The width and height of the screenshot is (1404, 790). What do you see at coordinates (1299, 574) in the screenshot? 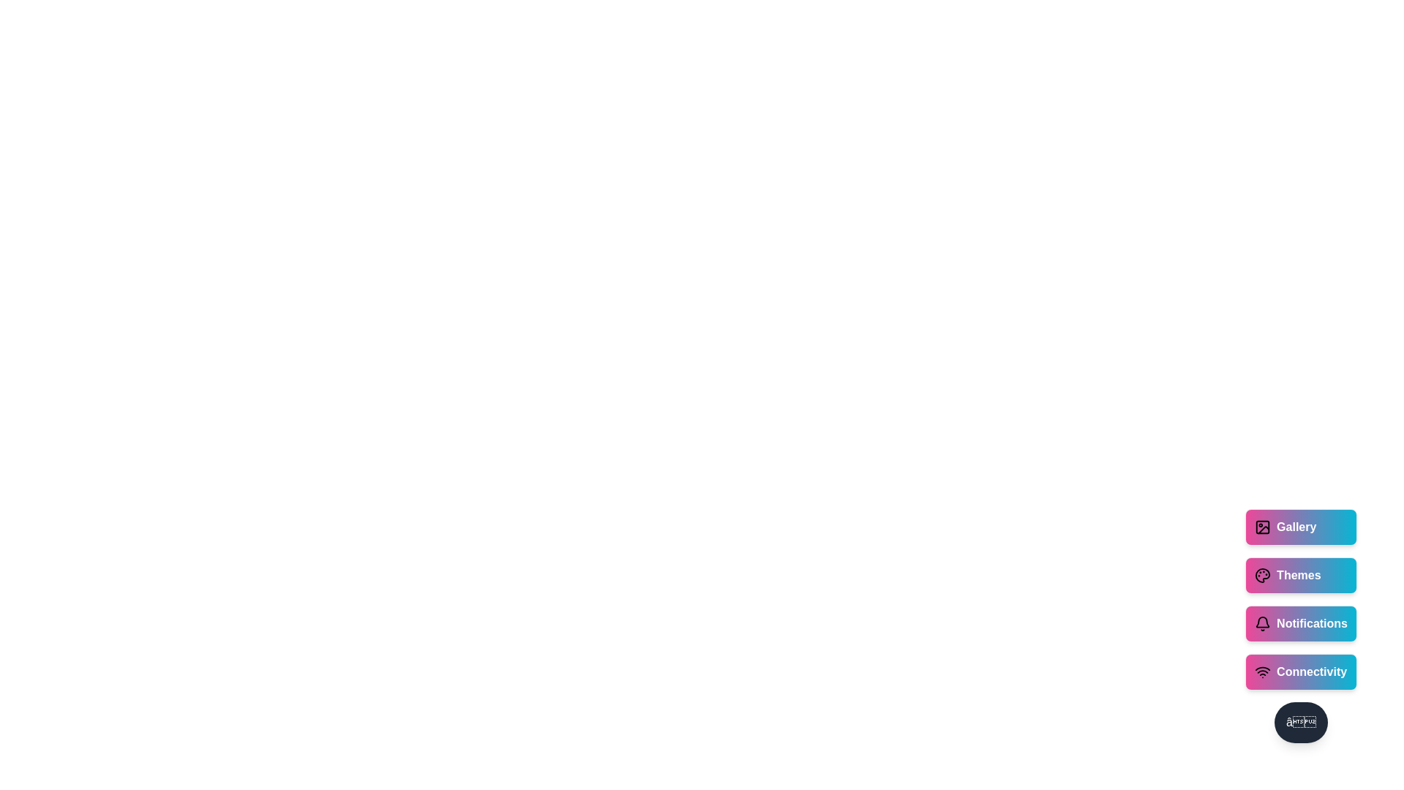
I see `the button that contains the label indicating 'Themes', which is located within the second button of a vertical stack on the right side of the interface, next to a palette icon` at bounding box center [1299, 574].